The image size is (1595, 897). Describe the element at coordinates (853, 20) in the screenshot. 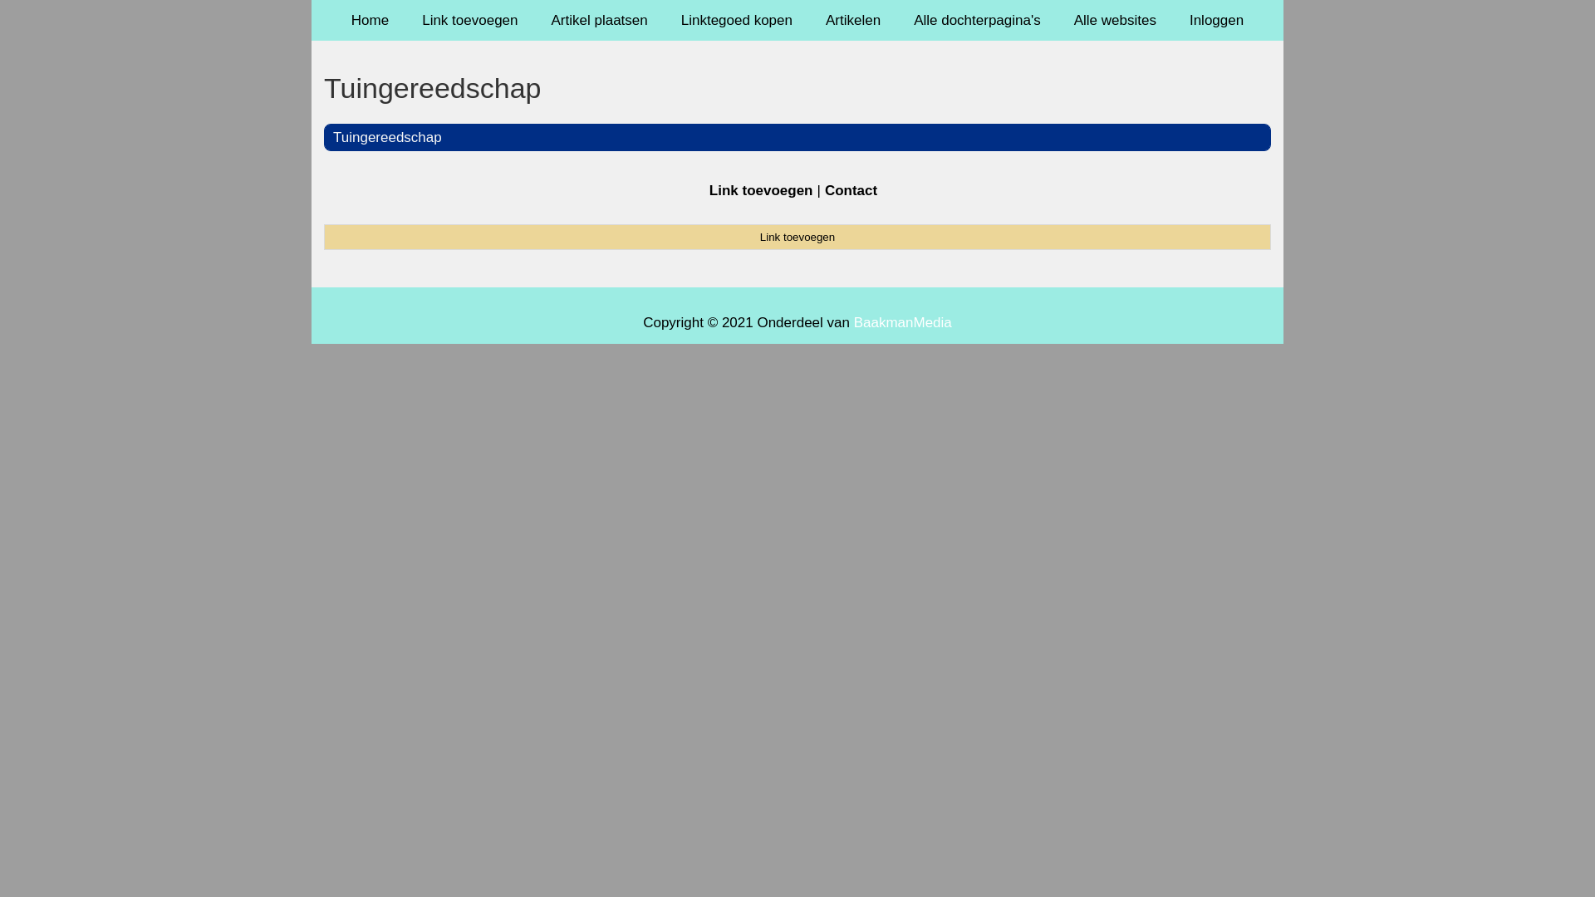

I see `'Artikelen'` at that location.